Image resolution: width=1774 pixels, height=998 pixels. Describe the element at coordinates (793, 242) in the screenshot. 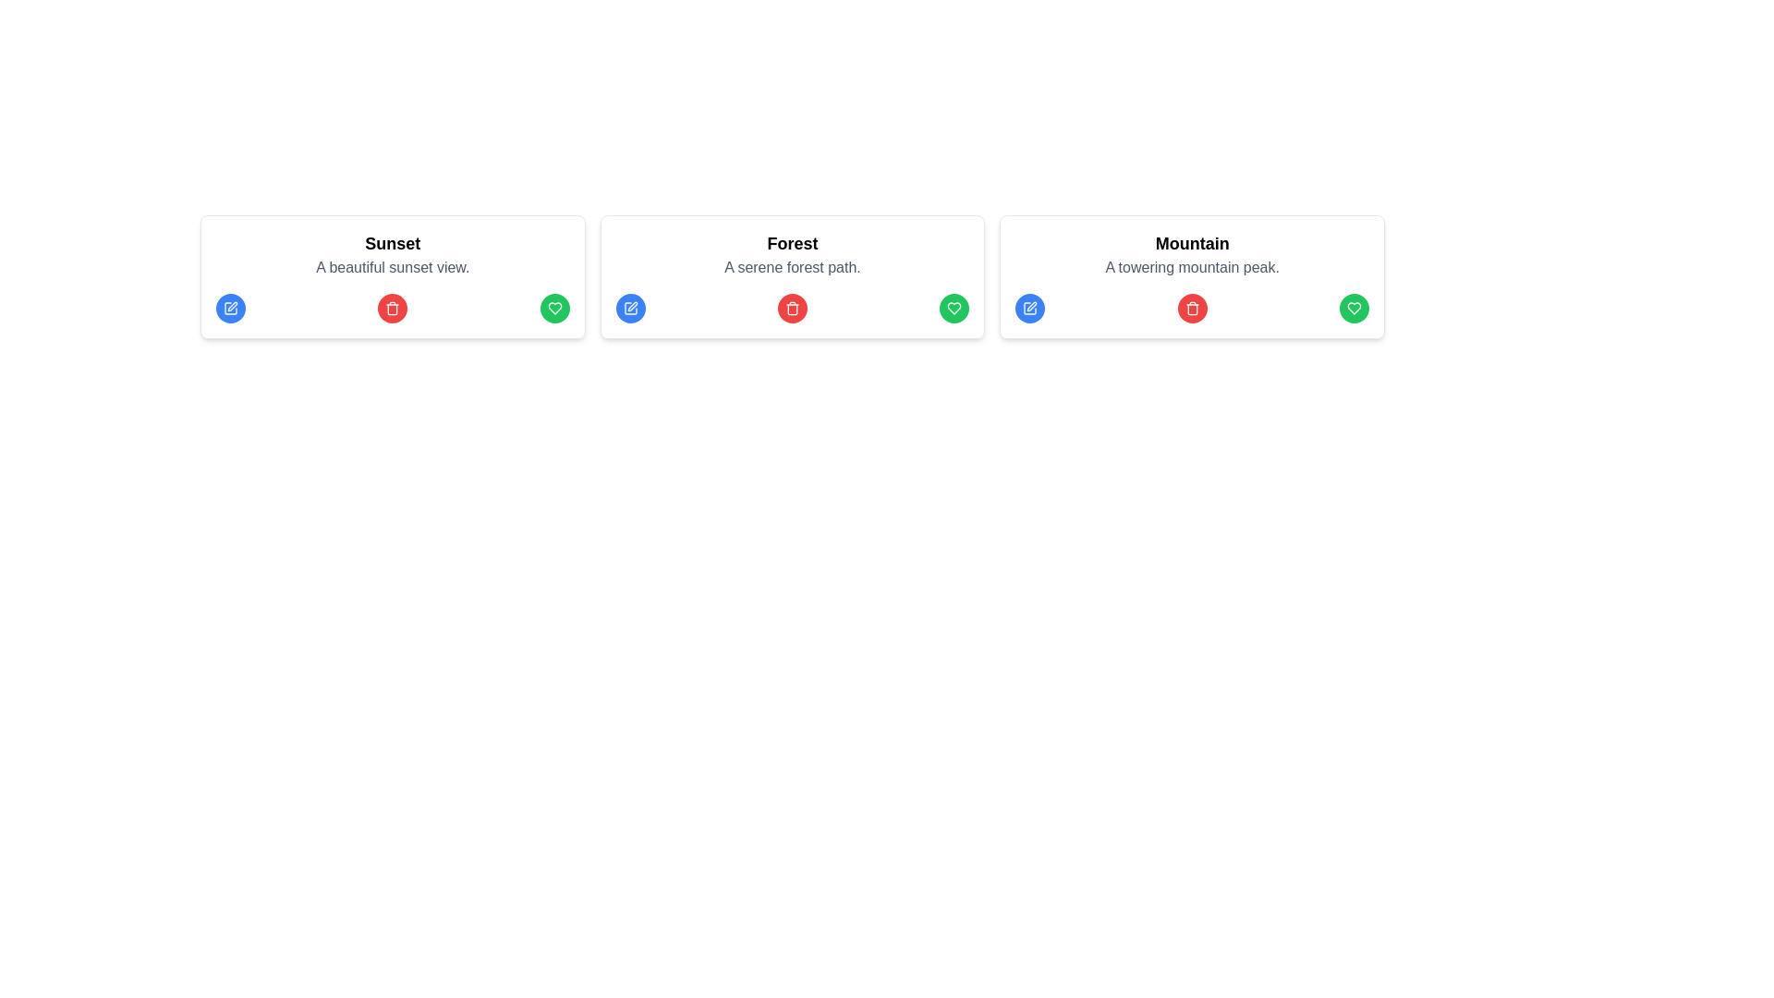

I see `the text label that serves as the primary title for the middle card in a triplet layout, indicating the theme or subject of the card content` at that location.